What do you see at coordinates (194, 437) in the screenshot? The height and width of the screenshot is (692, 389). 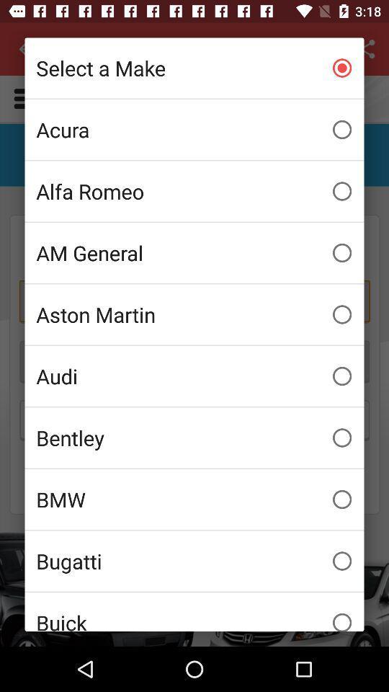 I see `the icon below audi icon` at bounding box center [194, 437].